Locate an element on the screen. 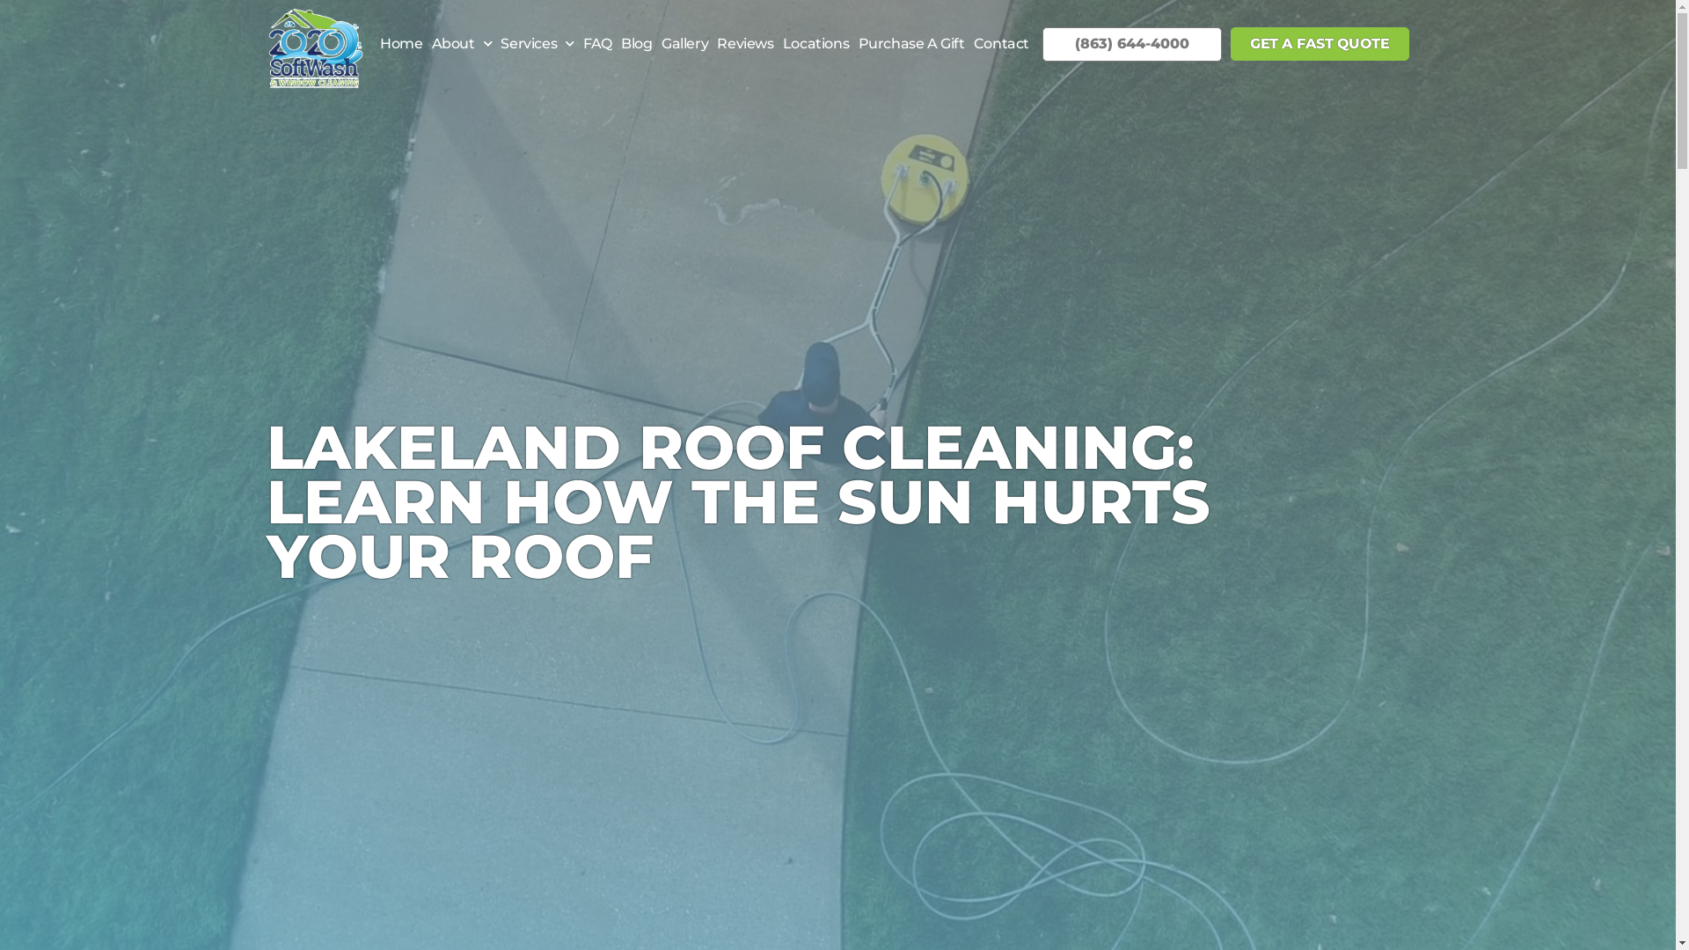 The image size is (1689, 950). 'Gallery' is located at coordinates (684, 43).